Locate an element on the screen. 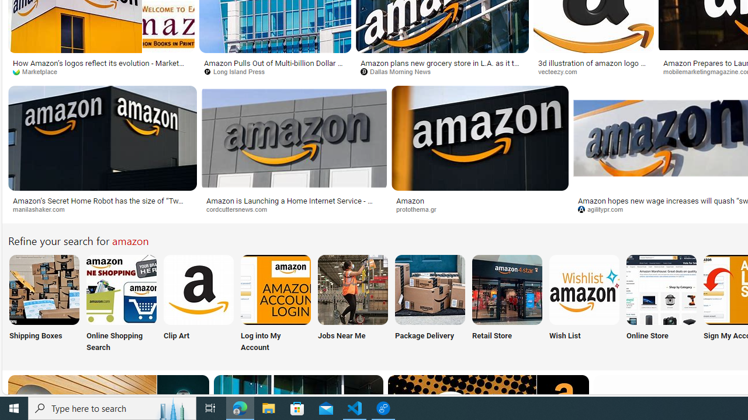 This screenshot has width=748, height=420. 'manilashaker.com' is located at coordinates (43, 208).